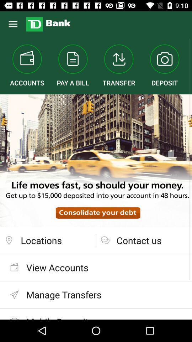 Image resolution: width=192 pixels, height=342 pixels. I want to click on the view accounts icon, so click(96, 267).